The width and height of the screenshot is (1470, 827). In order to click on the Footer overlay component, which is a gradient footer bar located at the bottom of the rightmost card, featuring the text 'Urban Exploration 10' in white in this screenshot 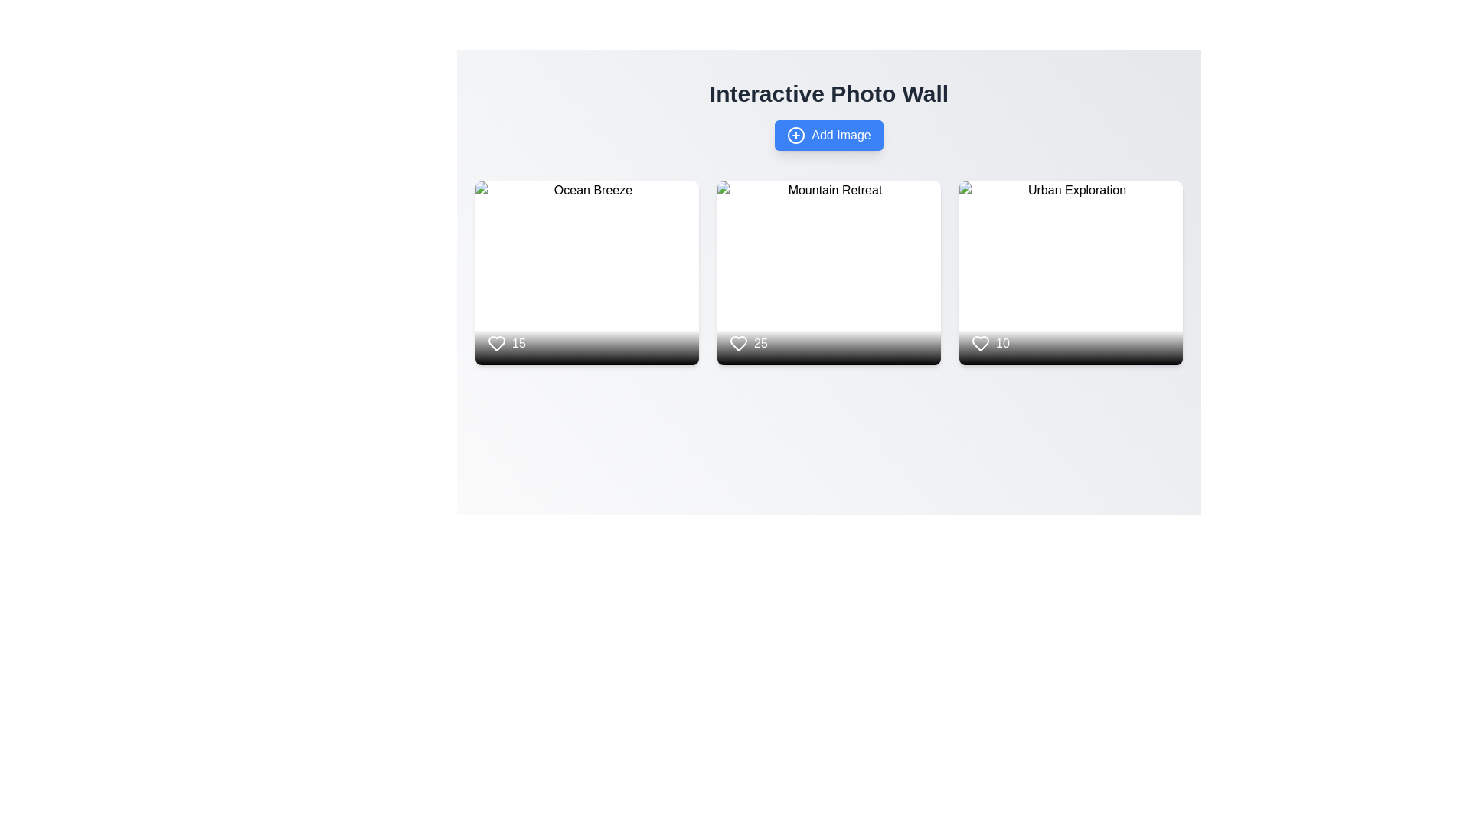, I will do `click(1070, 329)`.